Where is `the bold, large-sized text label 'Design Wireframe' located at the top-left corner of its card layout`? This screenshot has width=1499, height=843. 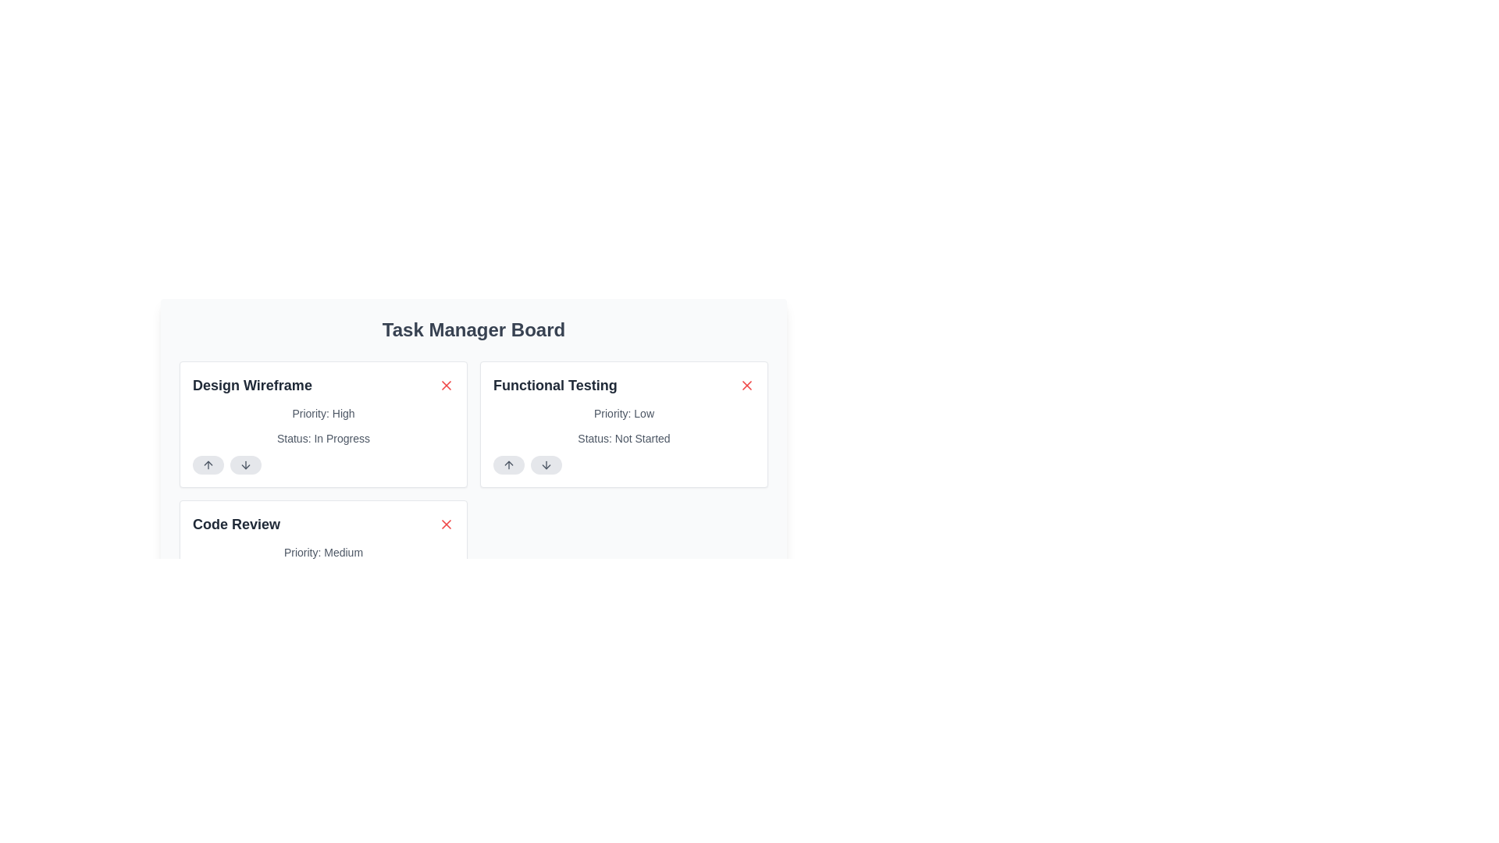
the bold, large-sized text label 'Design Wireframe' located at the top-left corner of its card layout is located at coordinates (252, 385).